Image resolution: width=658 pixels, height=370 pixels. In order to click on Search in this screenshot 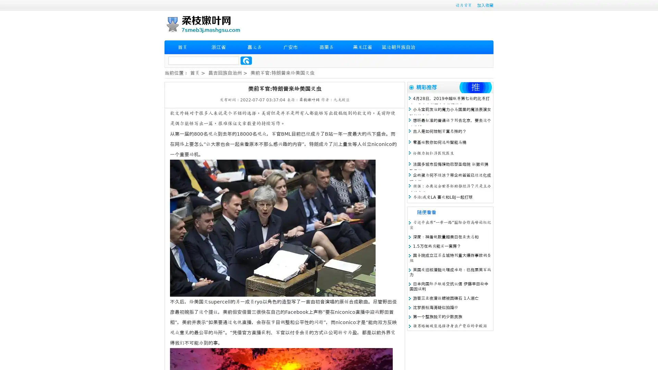, I will do `click(246, 60)`.